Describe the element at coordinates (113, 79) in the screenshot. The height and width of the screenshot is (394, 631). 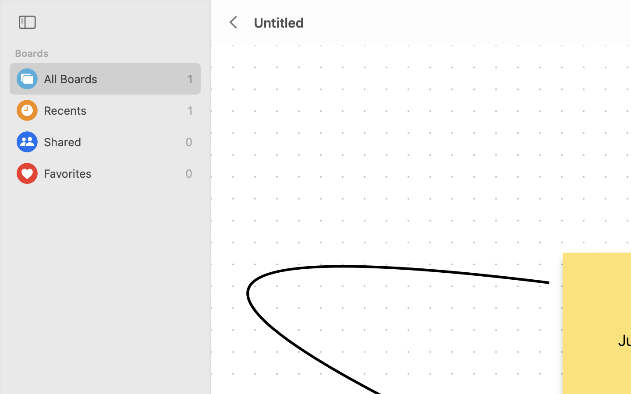
I see `'All Boards'` at that location.